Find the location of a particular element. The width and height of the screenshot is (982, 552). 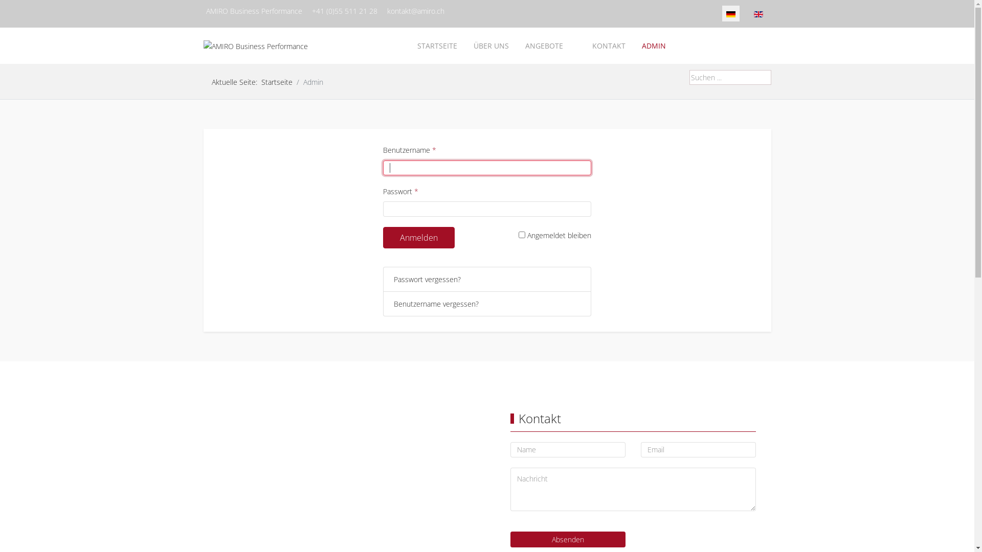

'ADMIN' is located at coordinates (653, 45).